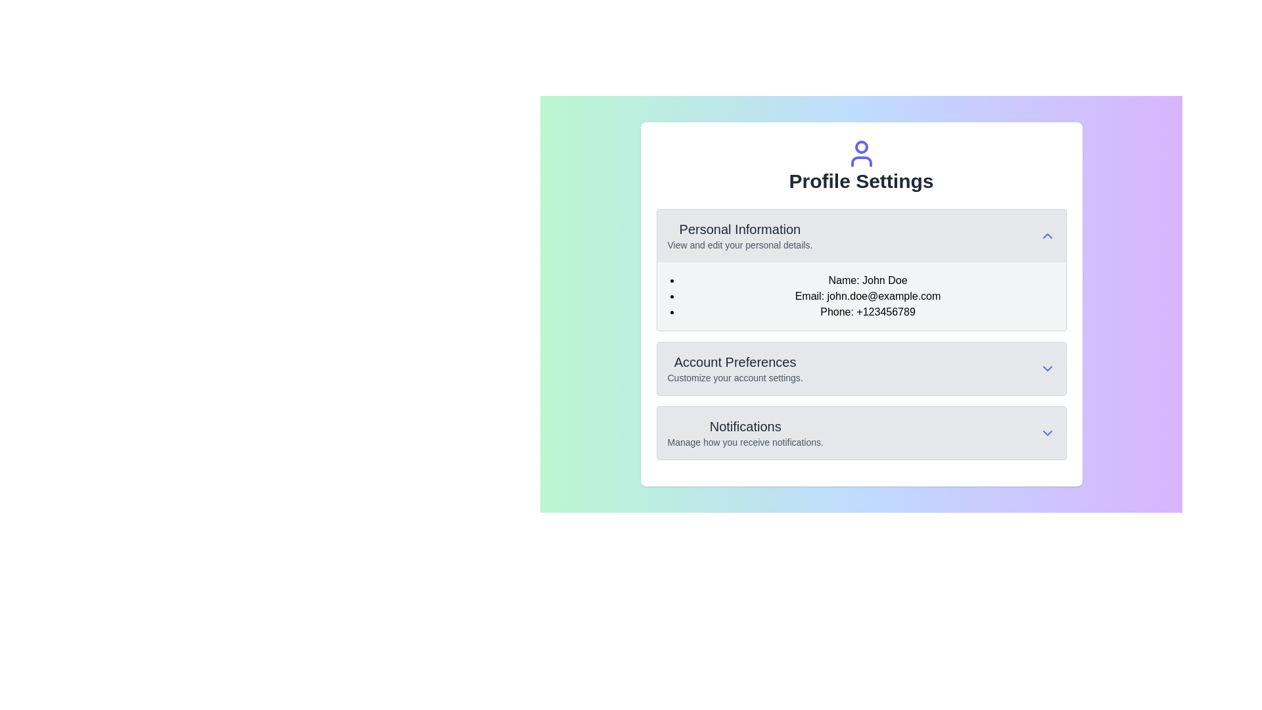 The height and width of the screenshot is (710, 1262). Describe the element at coordinates (868, 280) in the screenshot. I see `the user's name displayed in the first text box of the 'Personal Information' section under 'Profile Settings'` at that location.